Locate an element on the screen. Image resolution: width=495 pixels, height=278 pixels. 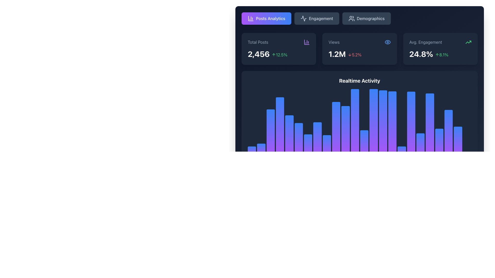
the 18th Graph bar in the central lower half of the interface is located at coordinates (411, 145).